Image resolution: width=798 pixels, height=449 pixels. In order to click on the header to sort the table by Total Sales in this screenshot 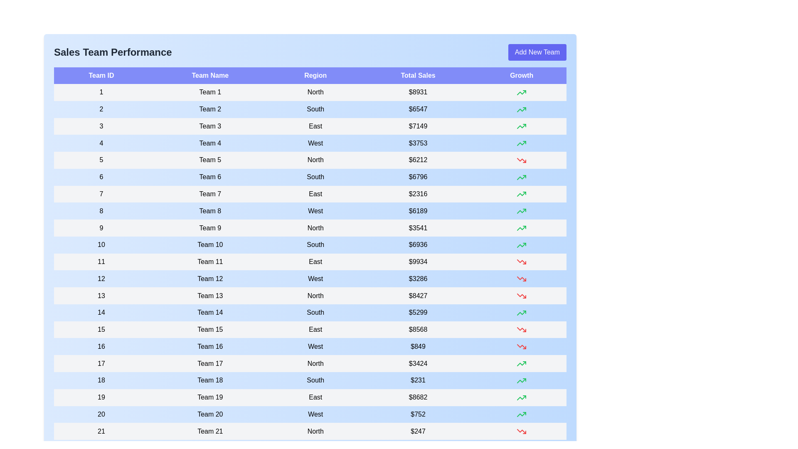, I will do `click(418, 75)`.